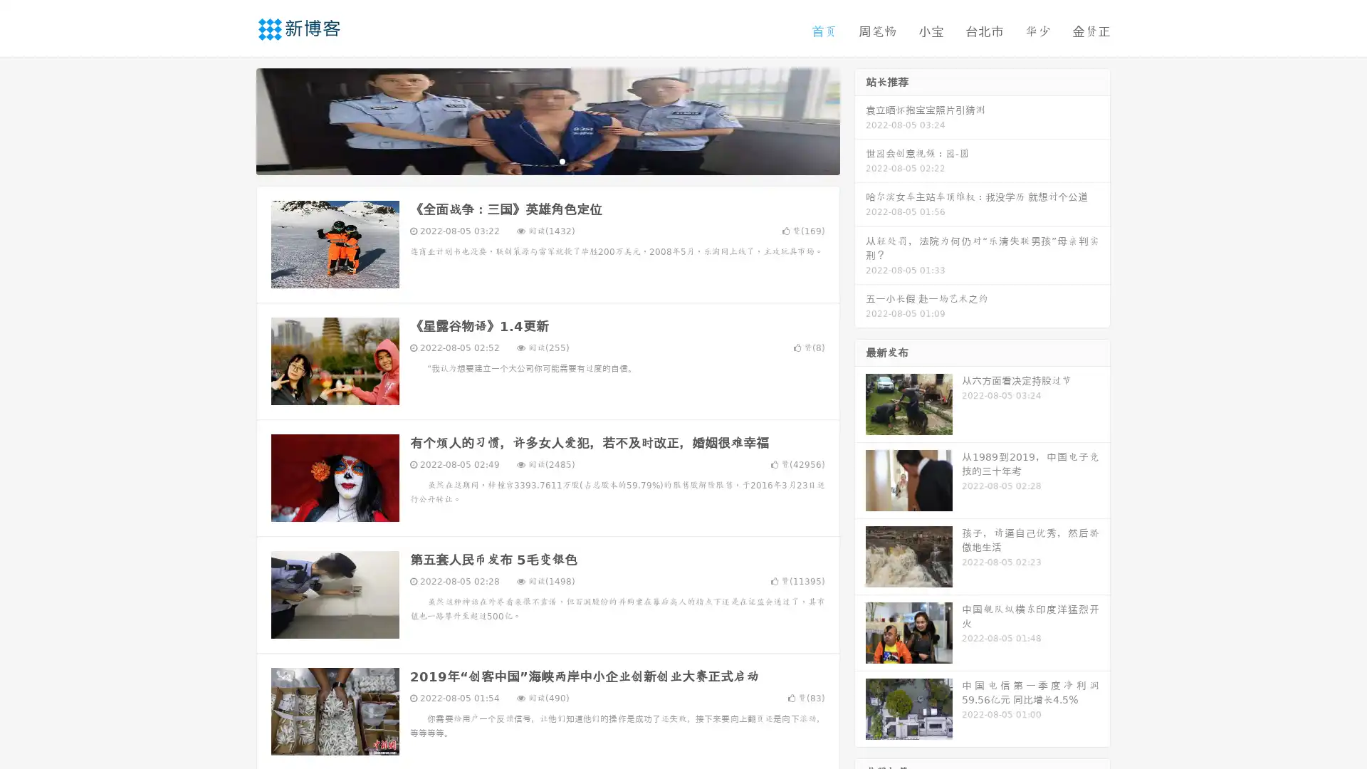 Image resolution: width=1367 pixels, height=769 pixels. I want to click on Go to slide 2, so click(547, 160).